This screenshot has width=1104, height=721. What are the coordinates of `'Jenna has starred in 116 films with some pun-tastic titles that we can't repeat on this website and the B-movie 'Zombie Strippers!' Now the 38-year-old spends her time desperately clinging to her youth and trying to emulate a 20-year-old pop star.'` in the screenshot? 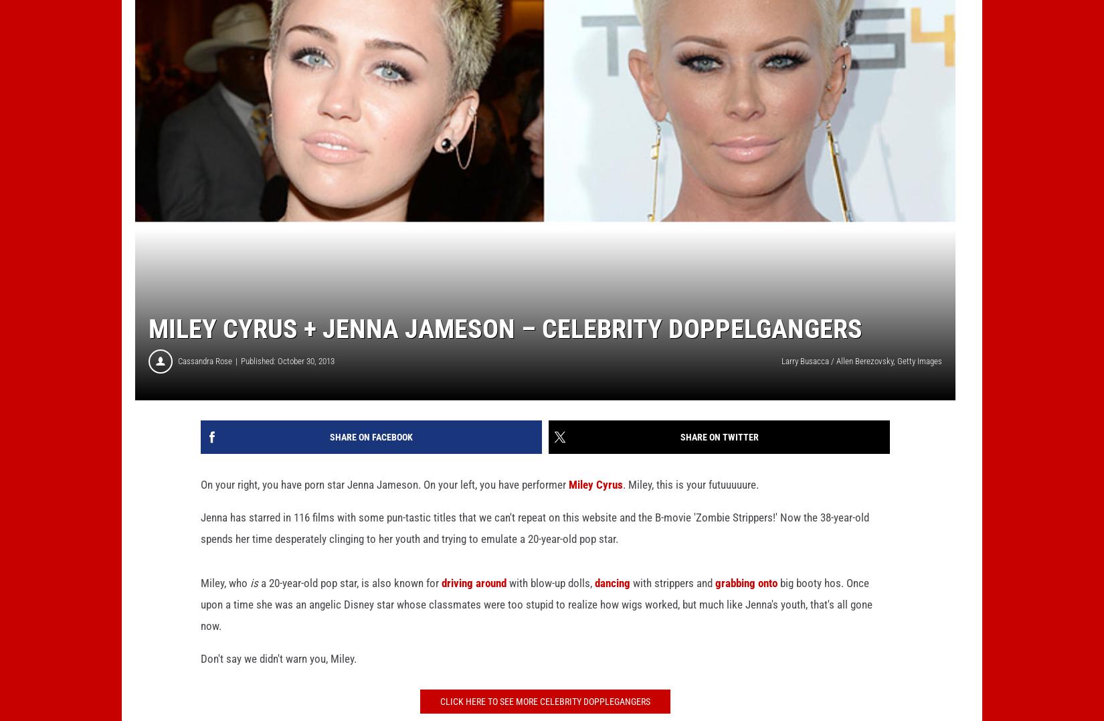 It's located at (534, 549).